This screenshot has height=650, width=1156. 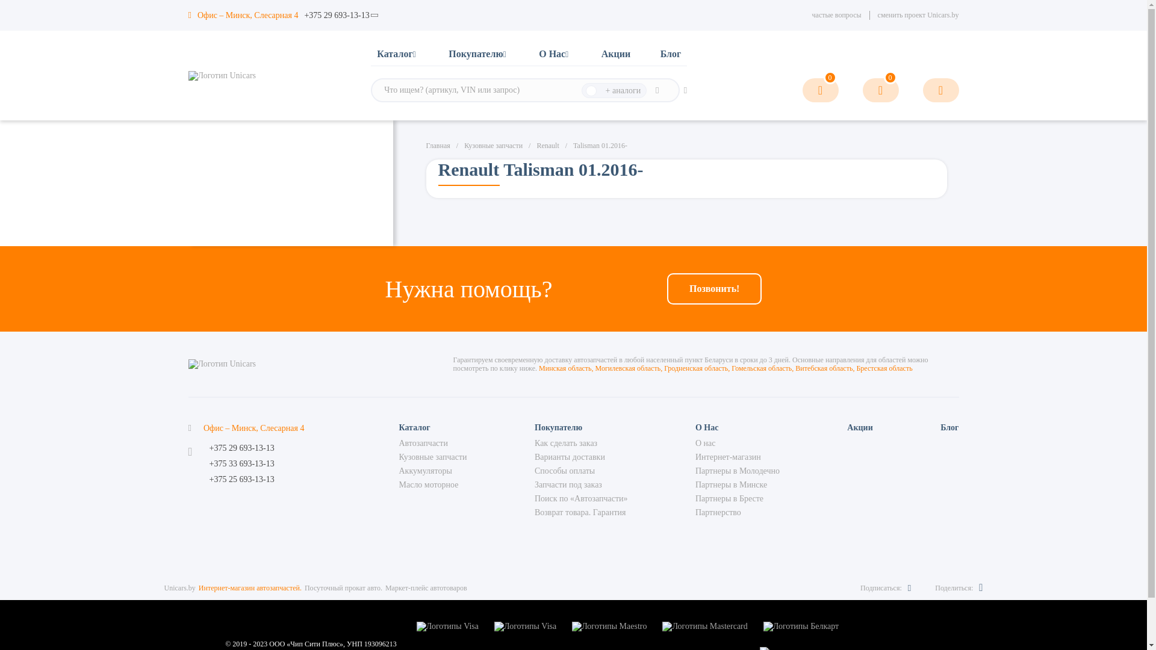 What do you see at coordinates (801, 90) in the screenshot?
I see `'0'` at bounding box center [801, 90].